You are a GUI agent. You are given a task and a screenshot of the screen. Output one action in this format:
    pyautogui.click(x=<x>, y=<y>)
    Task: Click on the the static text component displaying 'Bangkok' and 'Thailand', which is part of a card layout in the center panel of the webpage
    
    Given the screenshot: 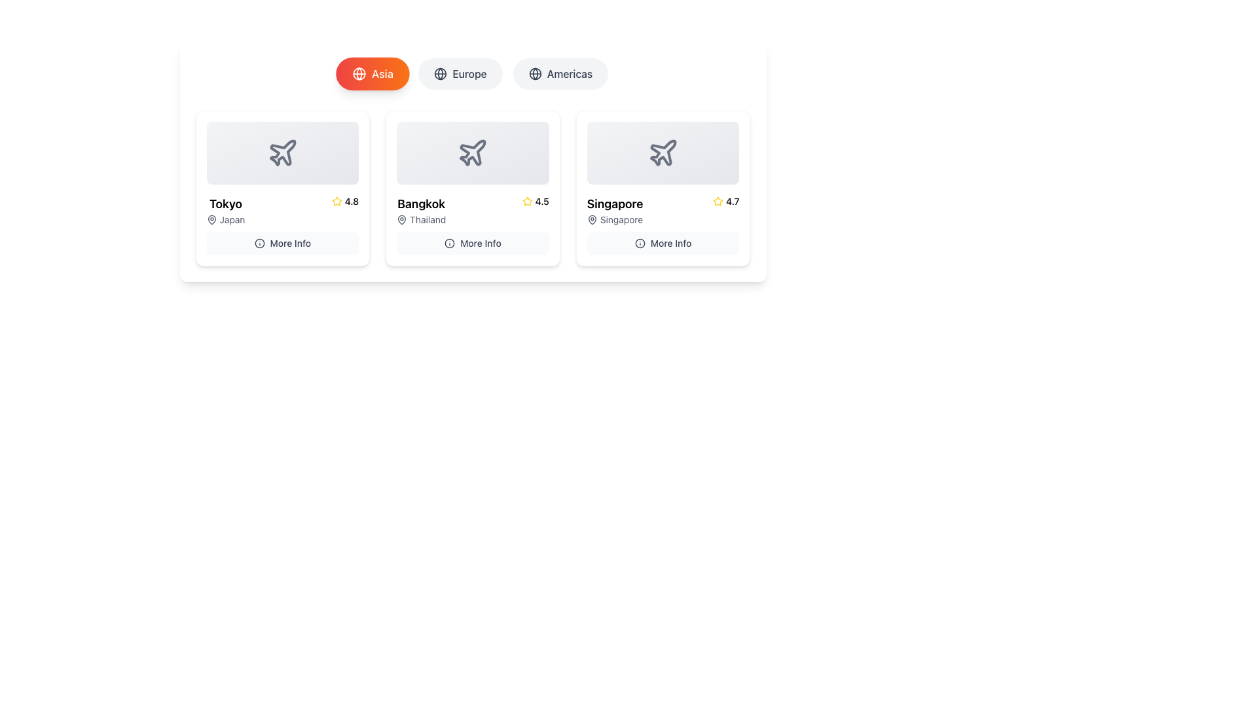 What is the action you would take?
    pyautogui.click(x=421, y=209)
    